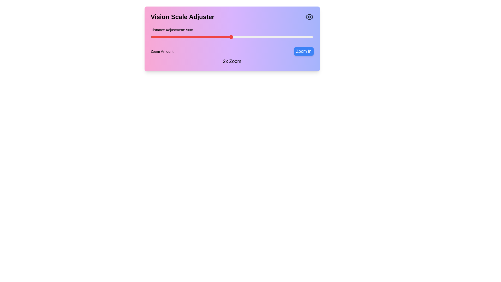  Describe the element at coordinates (232, 34) in the screenshot. I see `the range slider located beneath the label 'Distance Adjustment: 50m' in the 'Vision Scale Adjuster' component` at that location.